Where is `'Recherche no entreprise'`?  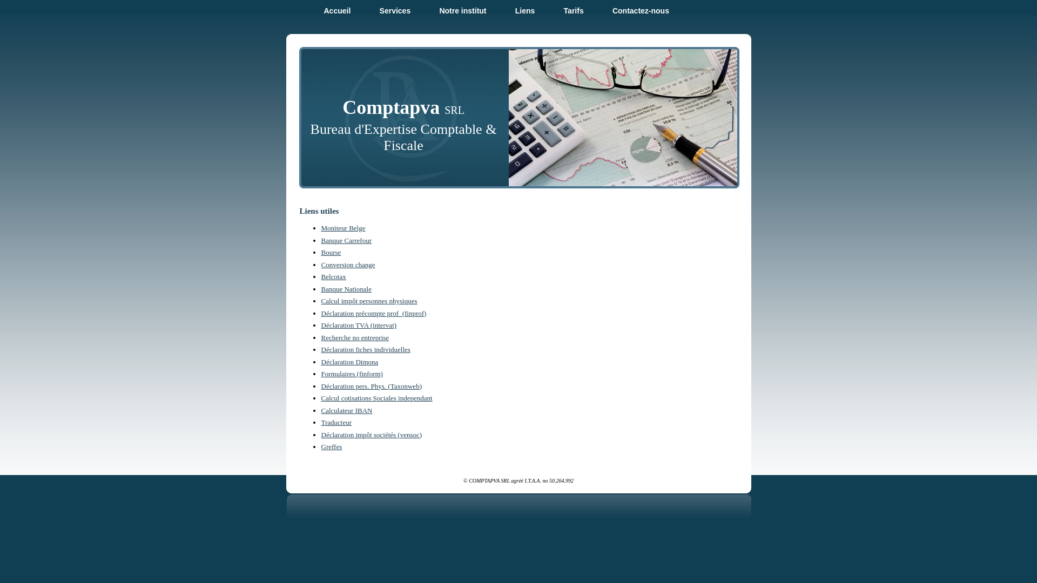 'Recherche no entreprise' is located at coordinates (355, 337).